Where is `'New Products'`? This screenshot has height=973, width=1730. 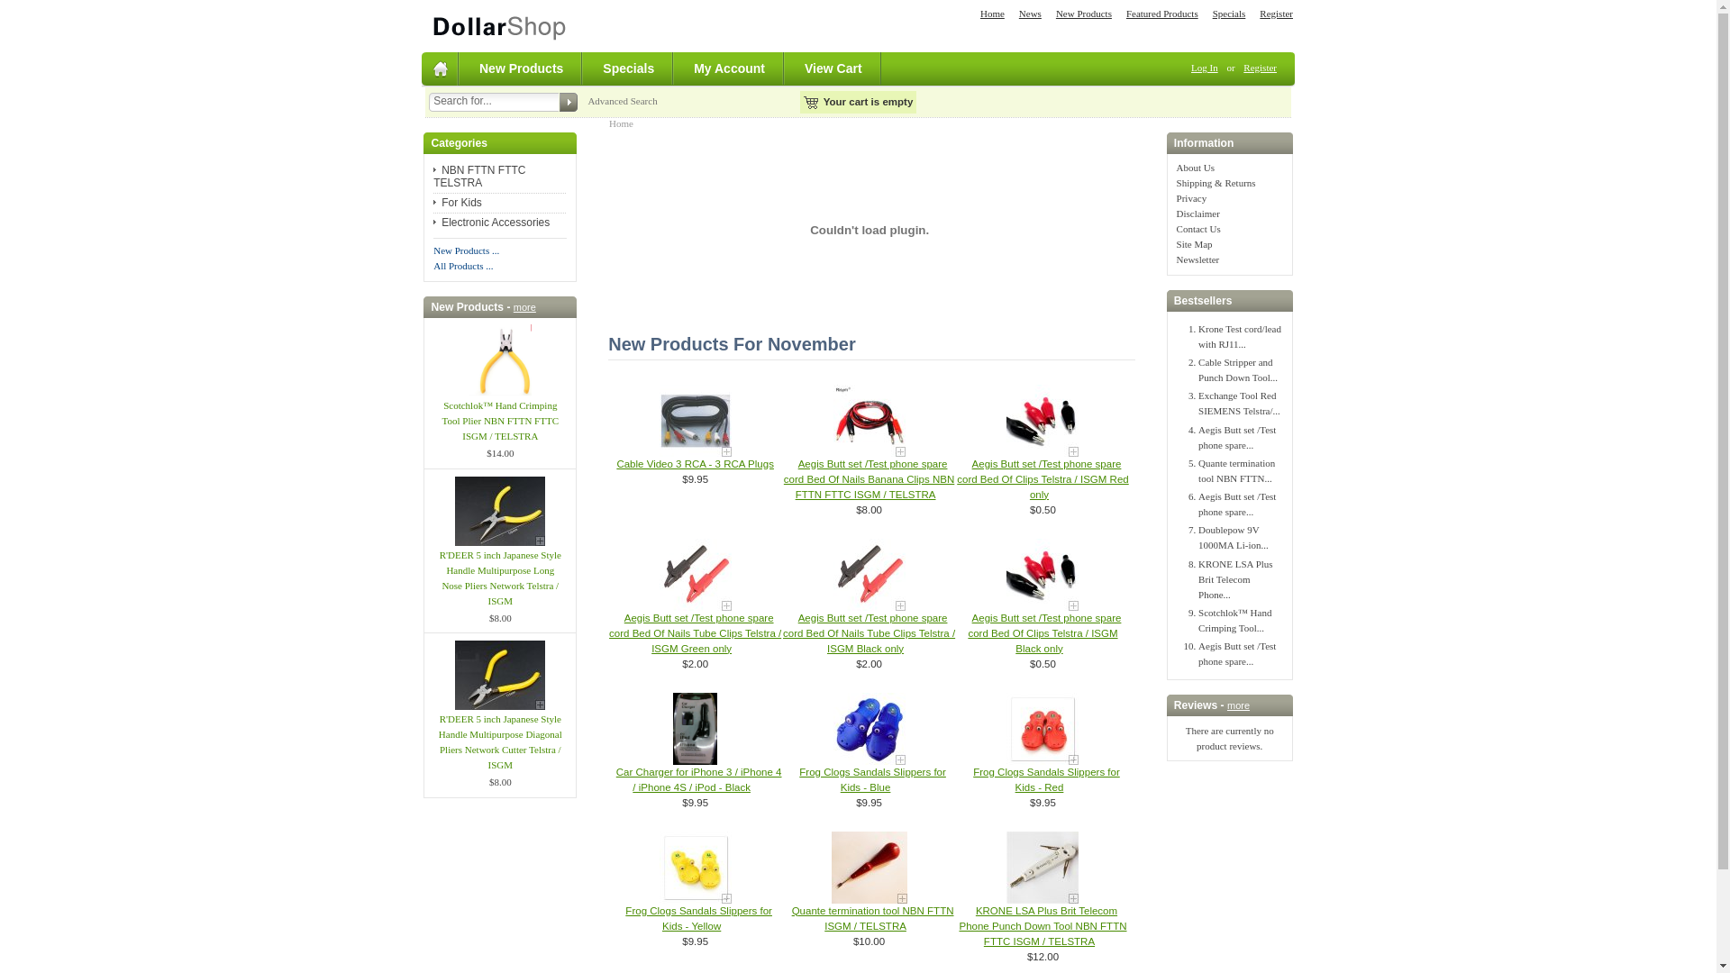 'New Products' is located at coordinates (521, 68).